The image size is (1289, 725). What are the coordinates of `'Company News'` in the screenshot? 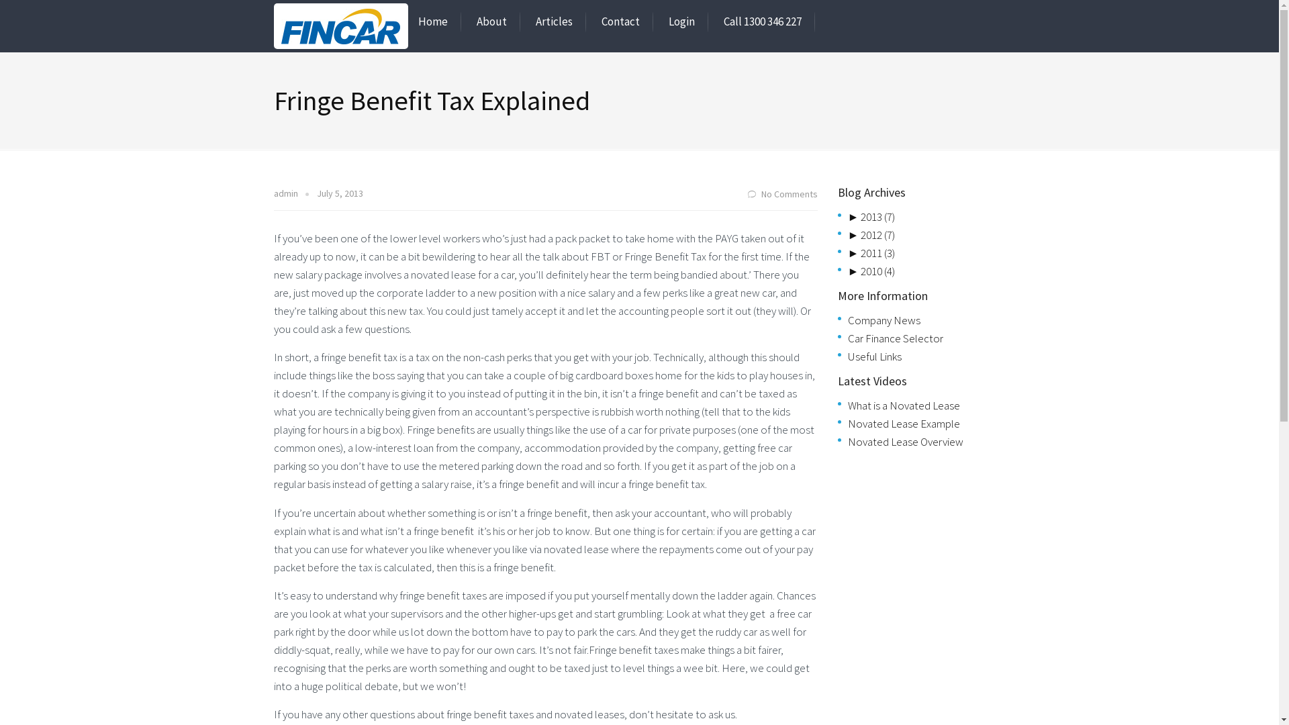 It's located at (883, 320).